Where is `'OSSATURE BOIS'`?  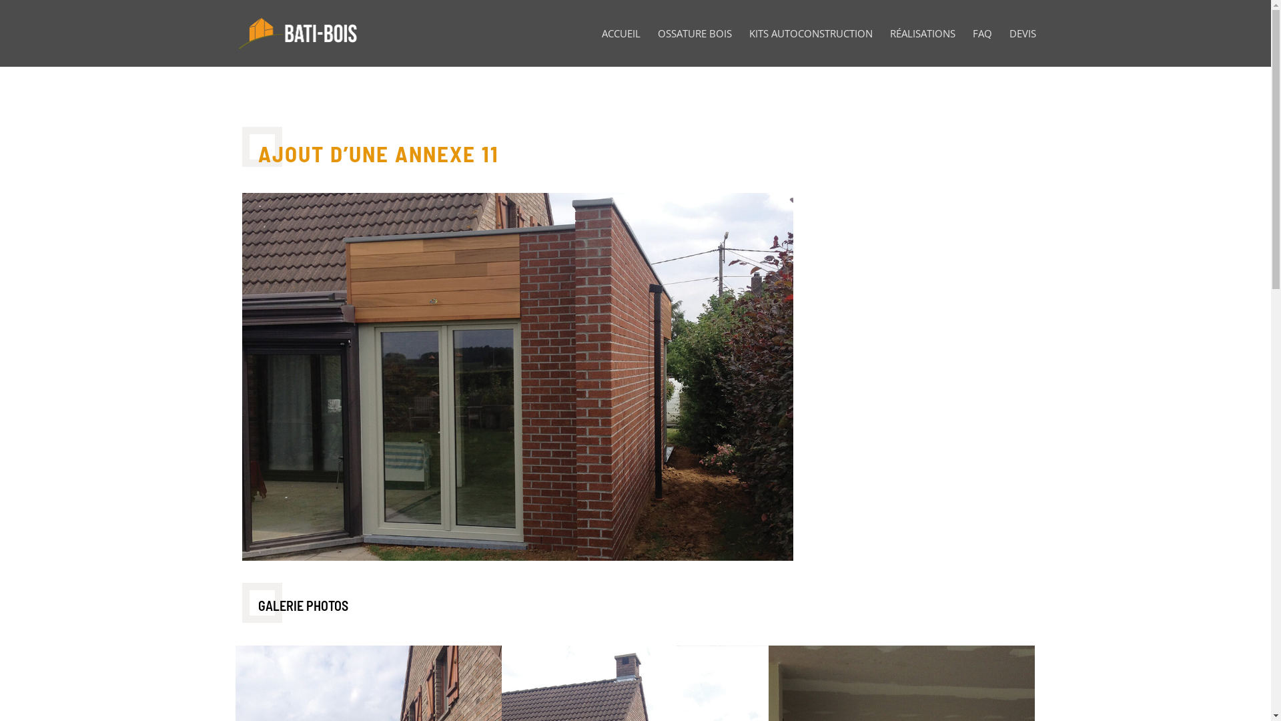 'OSSATURE BOIS' is located at coordinates (657, 47).